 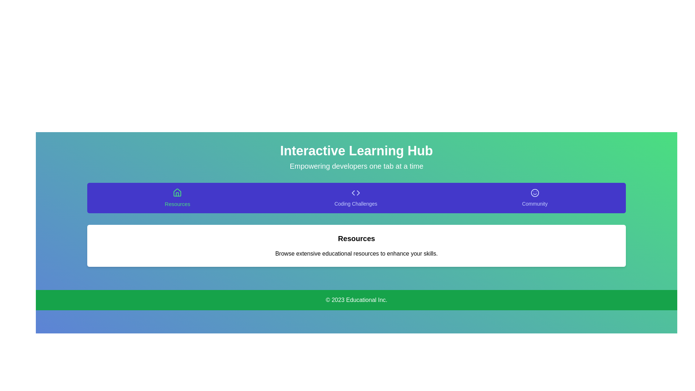 I want to click on the Coding Challenges tab to activate its content, so click(x=356, y=198).